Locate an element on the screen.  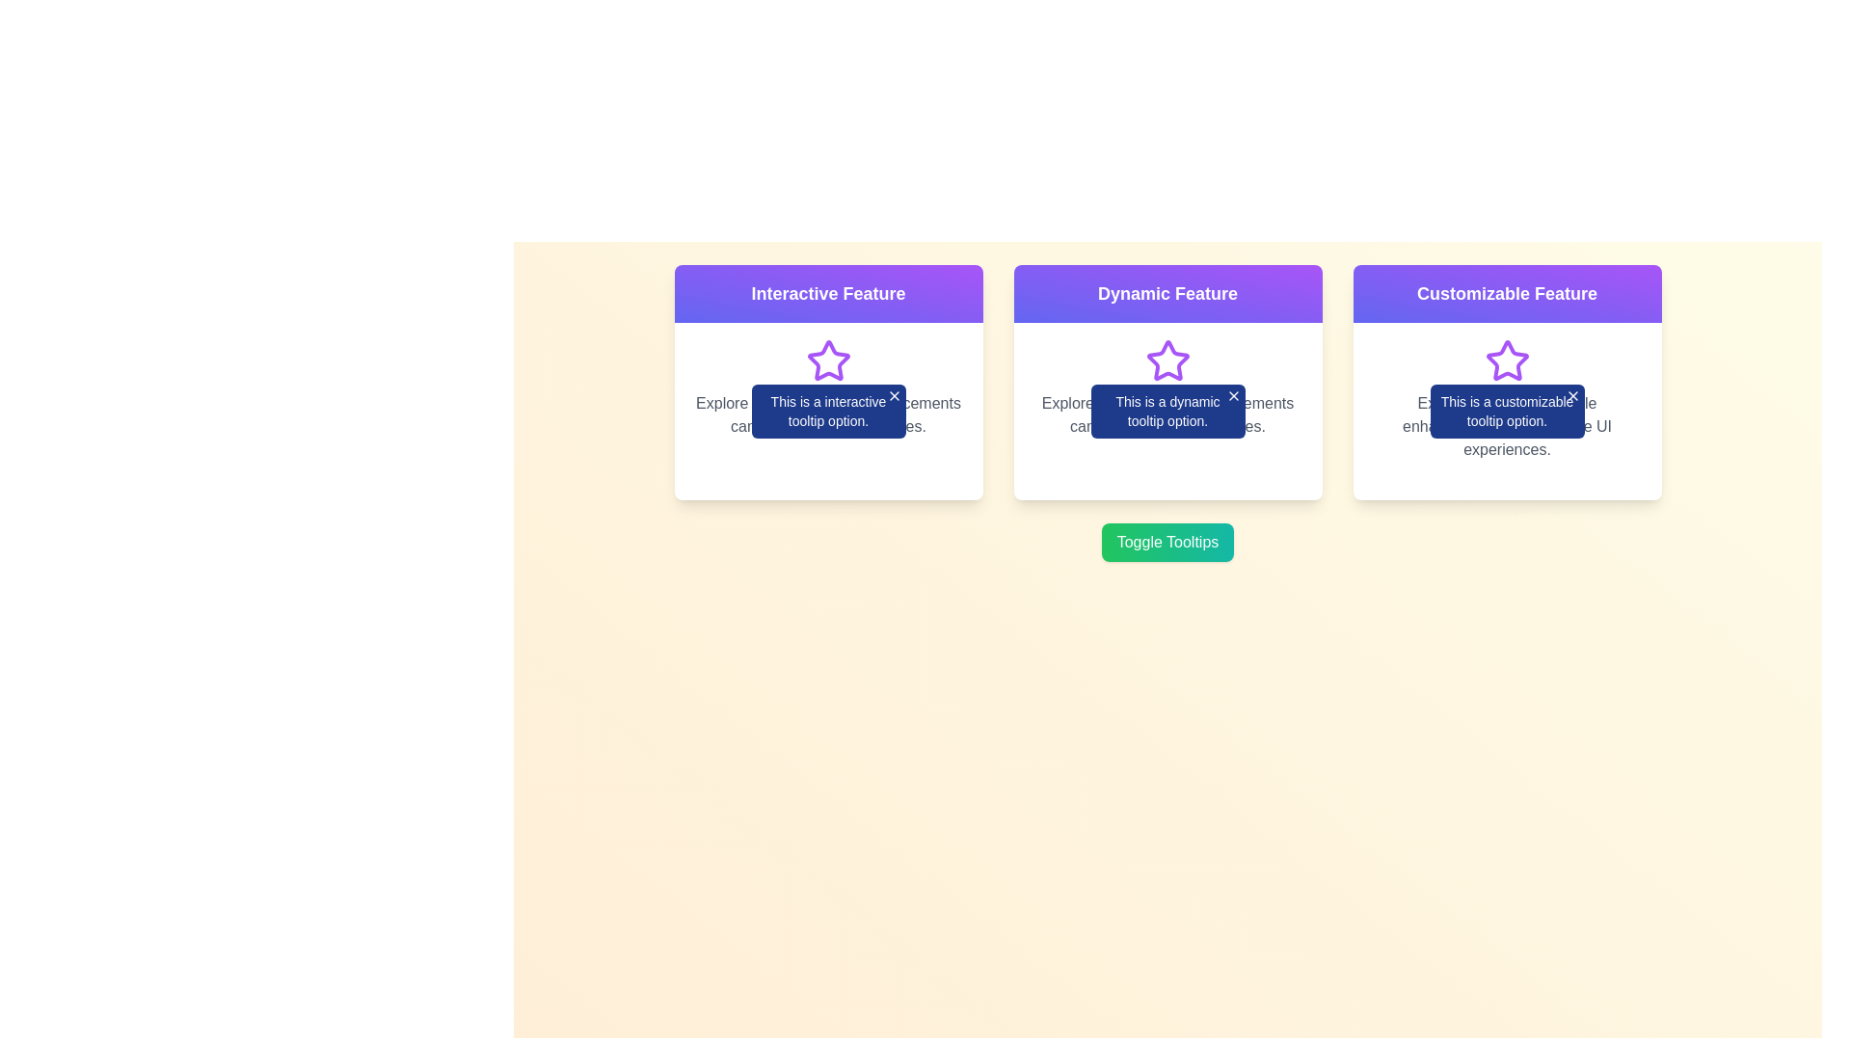
the close button located in the tooltip box at the top-right corner, which is used to dismiss the tooltip related to the 'Dynamic Feature' card is located at coordinates (1232, 395).